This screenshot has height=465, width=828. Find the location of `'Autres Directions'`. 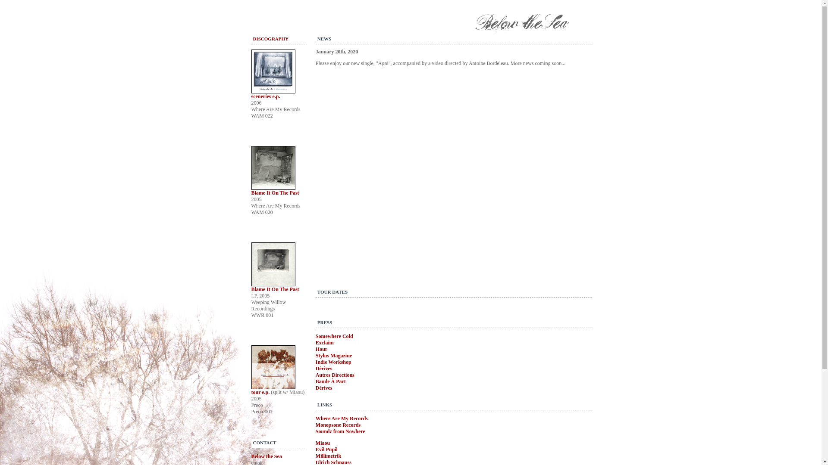

'Autres Directions' is located at coordinates (335, 375).